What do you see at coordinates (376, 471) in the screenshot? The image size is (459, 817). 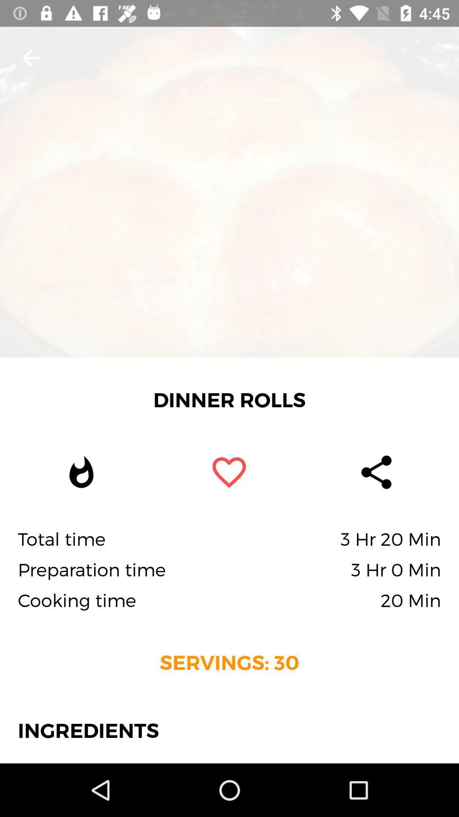 I see `the share button on the web page` at bounding box center [376, 471].